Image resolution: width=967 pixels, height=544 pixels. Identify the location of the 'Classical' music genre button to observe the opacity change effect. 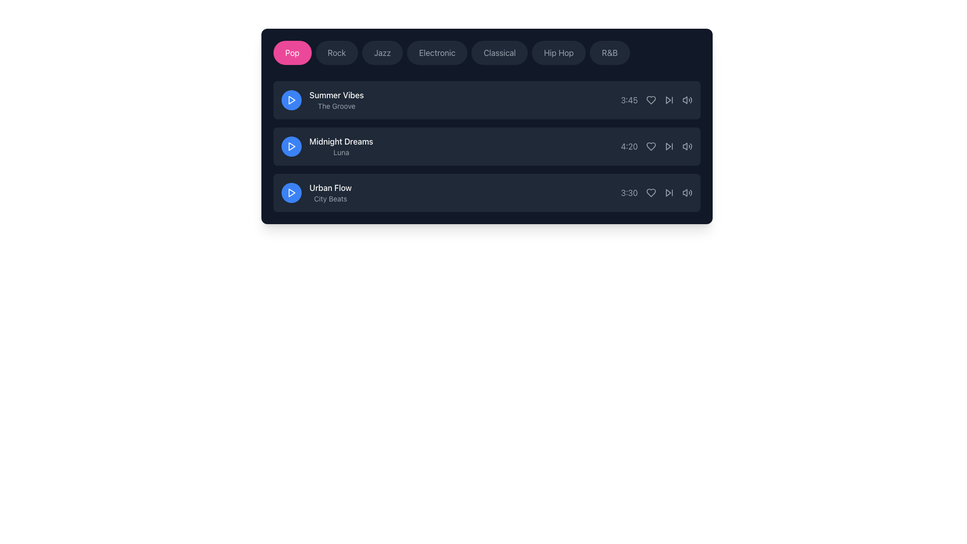
(500, 52).